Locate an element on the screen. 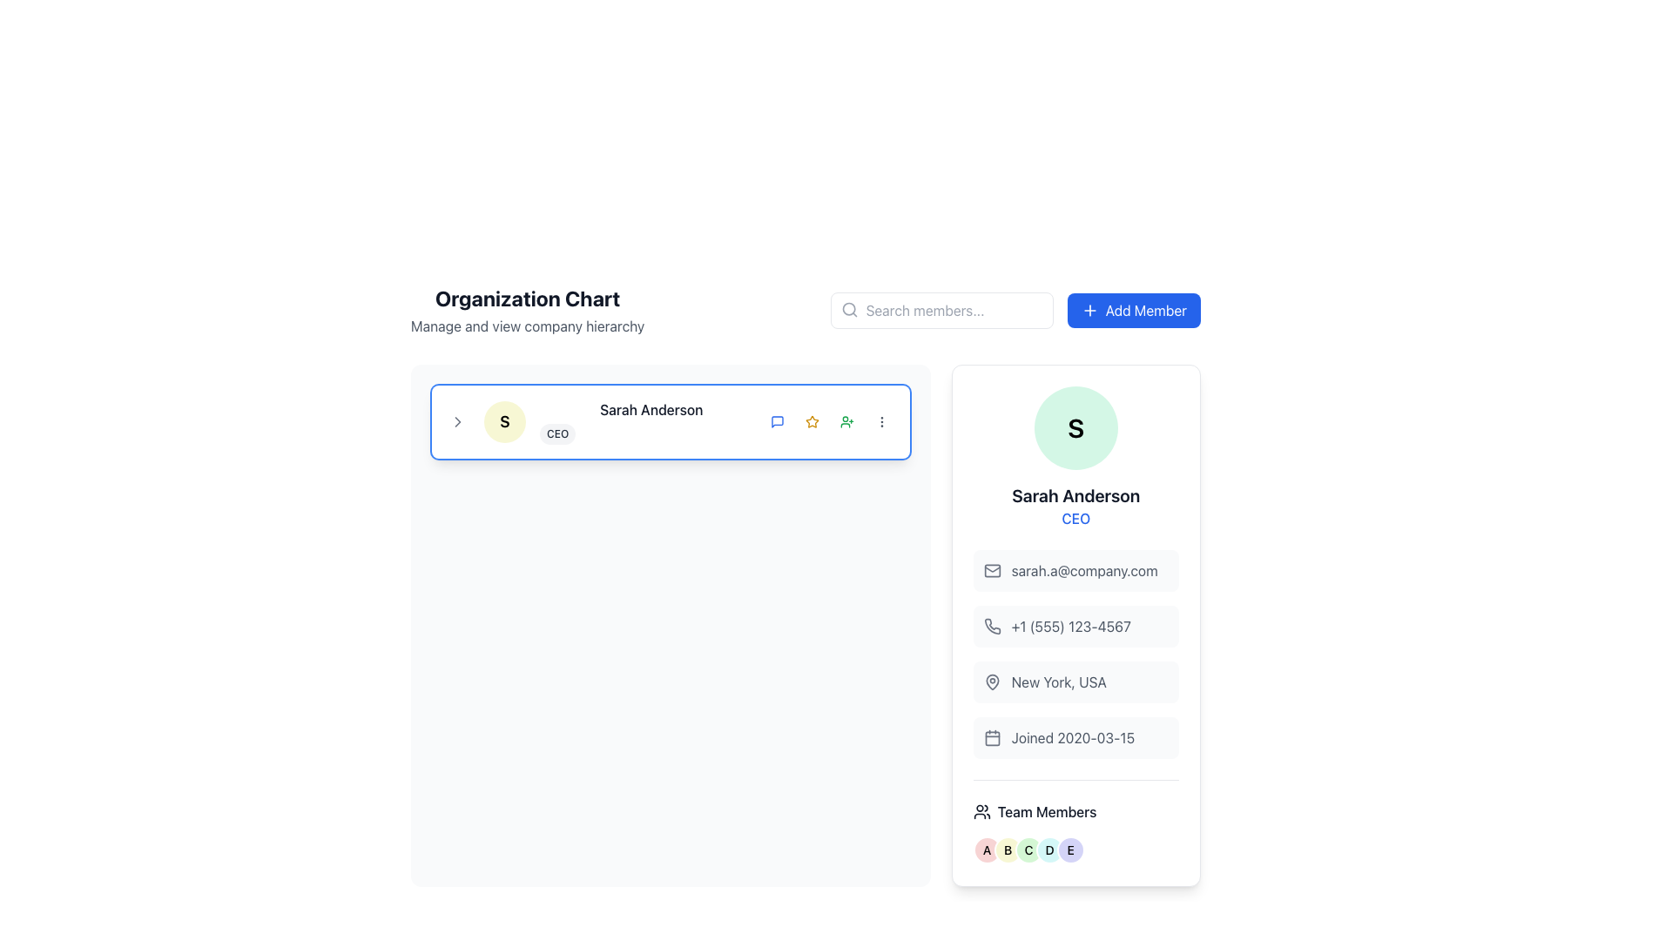  the 'Add Member' button located in the upper-right corner of the interface is located at coordinates (1134, 310).